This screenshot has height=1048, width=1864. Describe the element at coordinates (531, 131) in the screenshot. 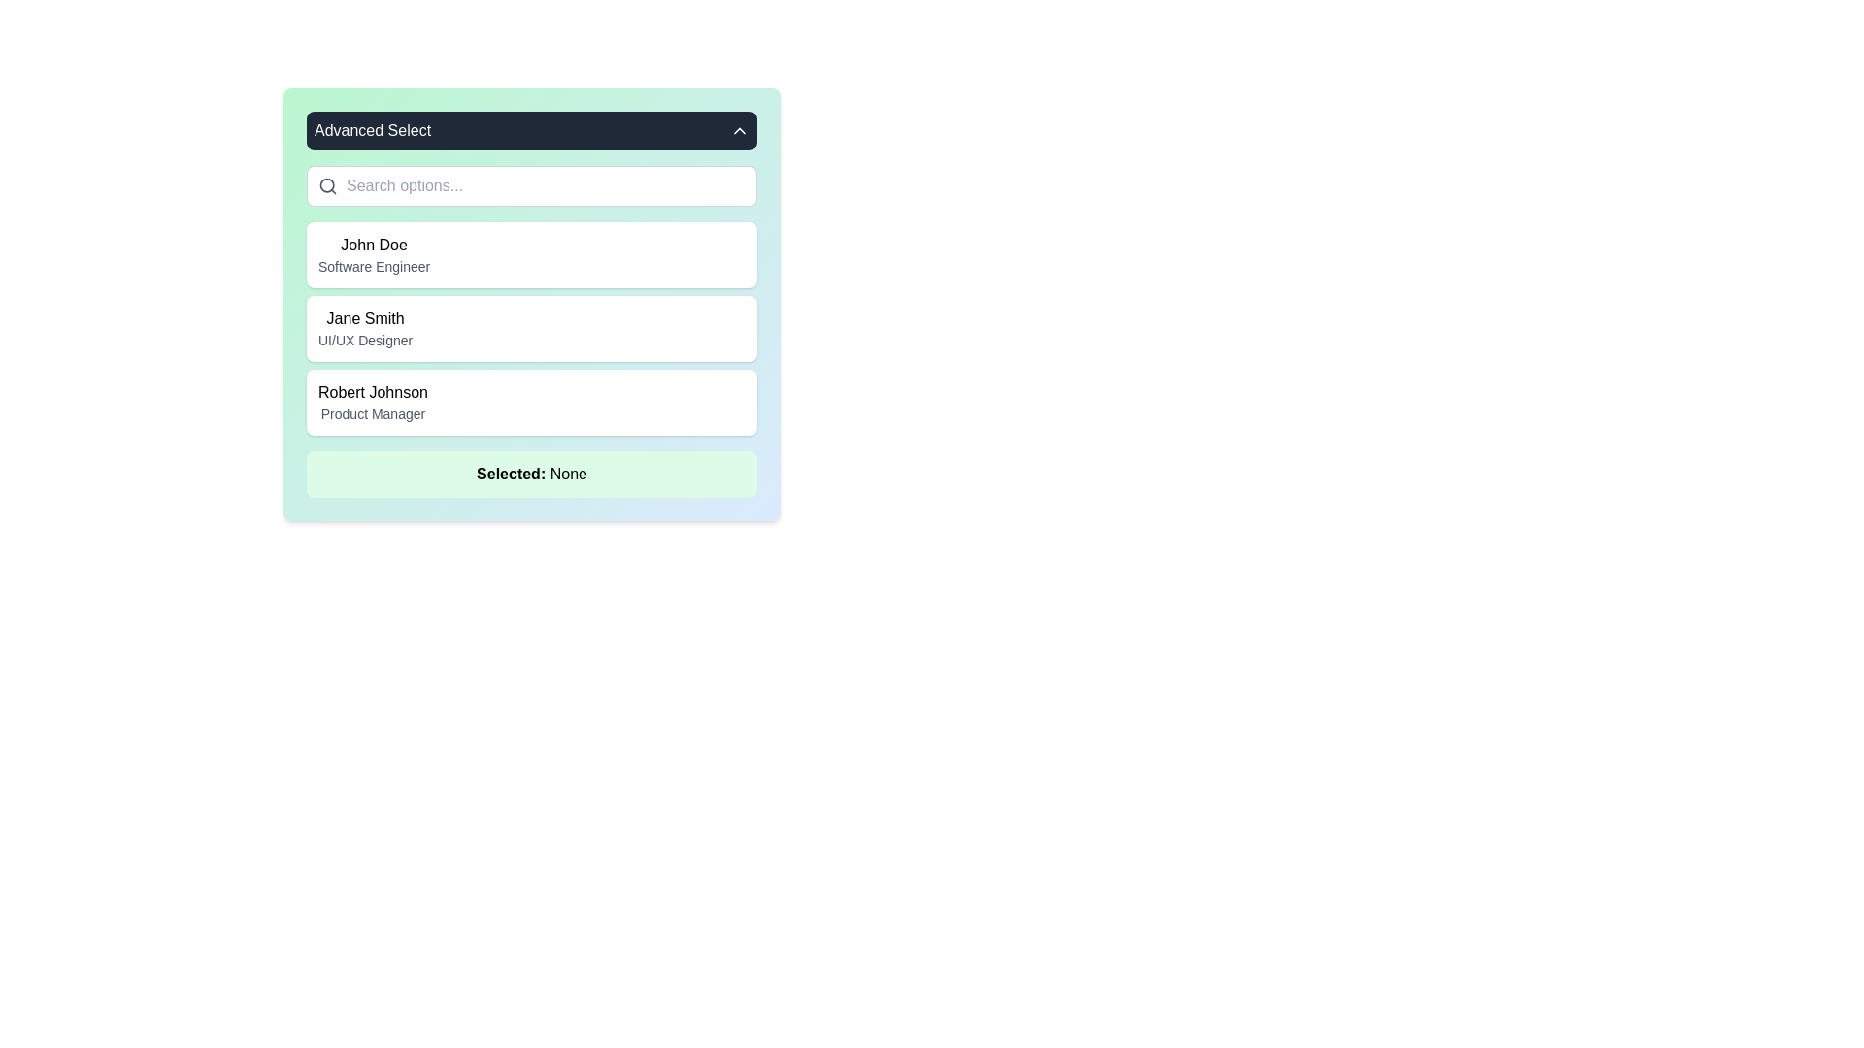

I see `the dropdown toggle button located at the top of the section` at that location.